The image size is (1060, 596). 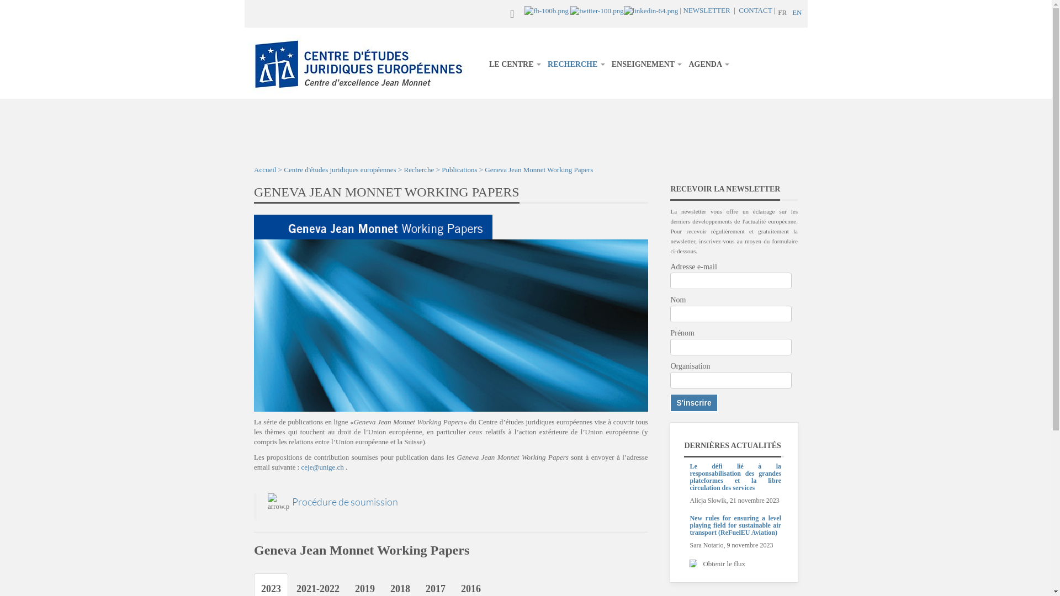 What do you see at coordinates (596, 10) in the screenshot?
I see `'Suivez-nous sur Twitter'` at bounding box center [596, 10].